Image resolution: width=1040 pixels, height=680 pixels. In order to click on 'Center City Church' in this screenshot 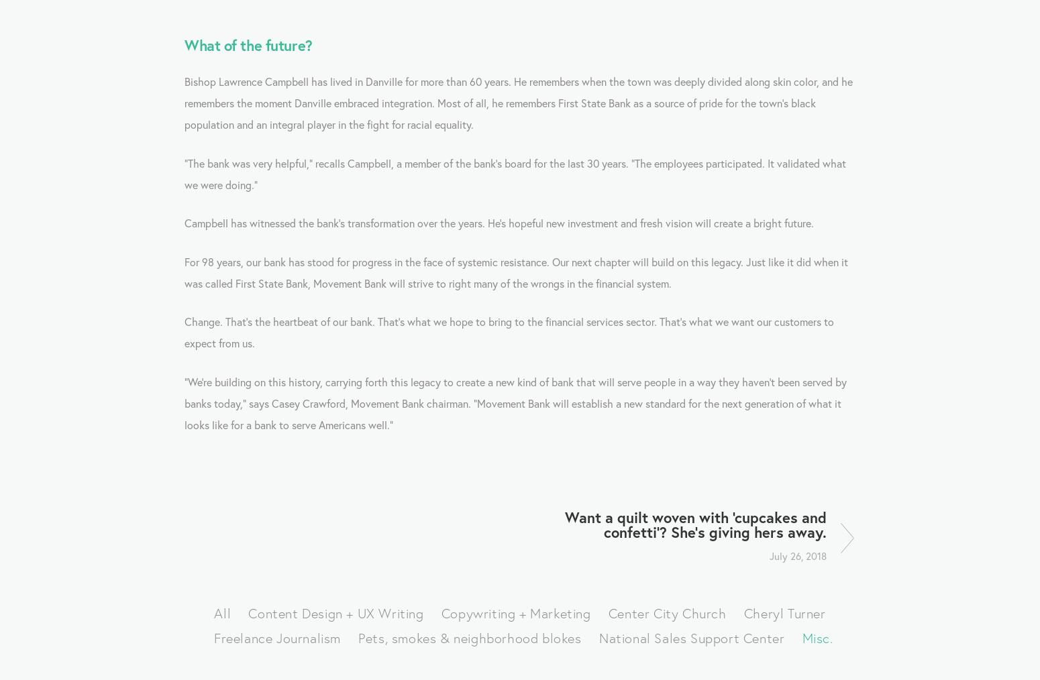, I will do `click(666, 612)`.